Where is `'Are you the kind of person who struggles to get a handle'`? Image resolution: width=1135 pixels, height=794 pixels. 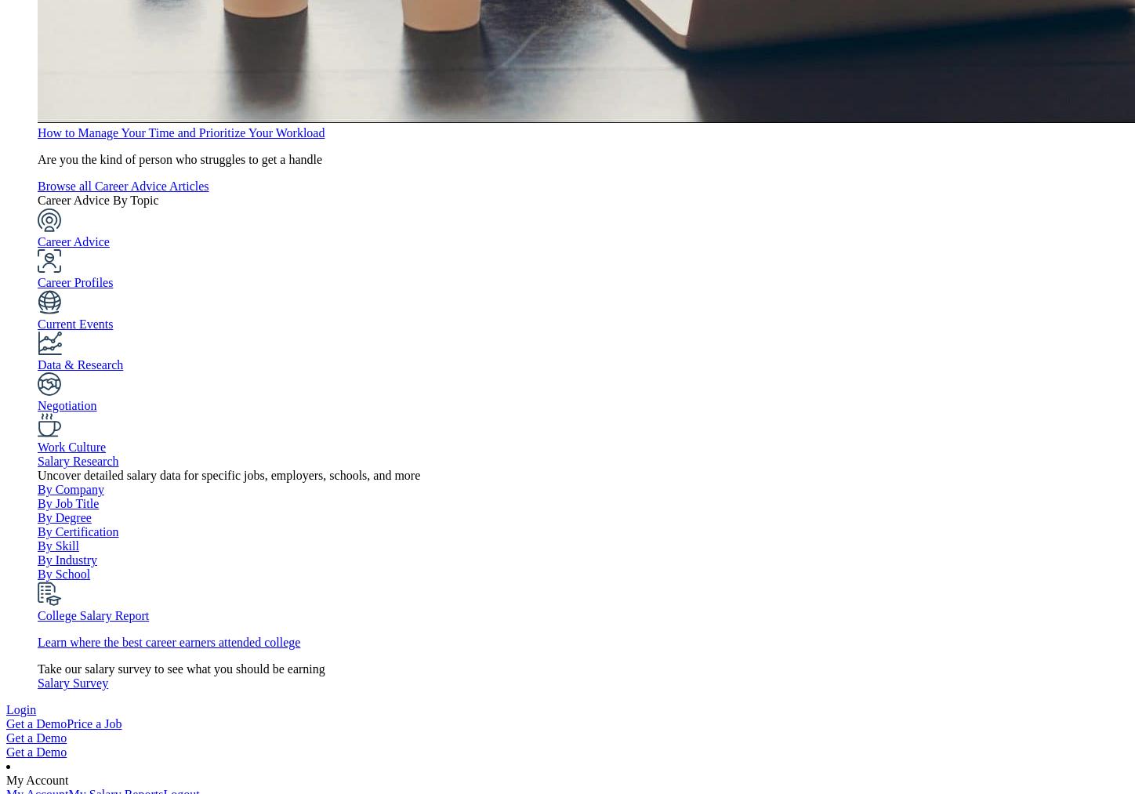 'Are you the kind of person who struggles to get a handle' is located at coordinates (179, 158).